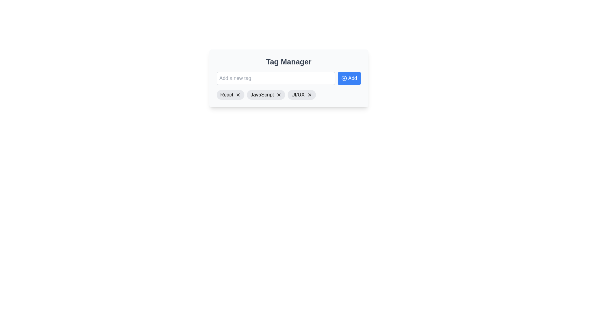 The image size is (597, 336). What do you see at coordinates (230, 95) in the screenshot?
I see `the 'React' tag element with a removable button` at bounding box center [230, 95].